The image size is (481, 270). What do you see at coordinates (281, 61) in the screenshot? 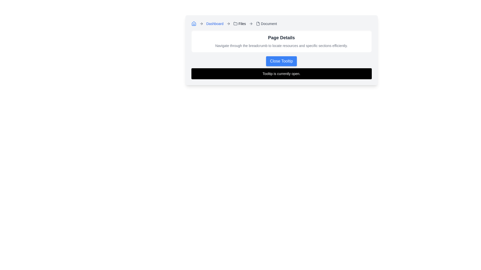
I see `the blue rounded button labeled 'Close Tooltip', which is centrally located above the message bar and below the title 'Page Details'` at bounding box center [281, 61].